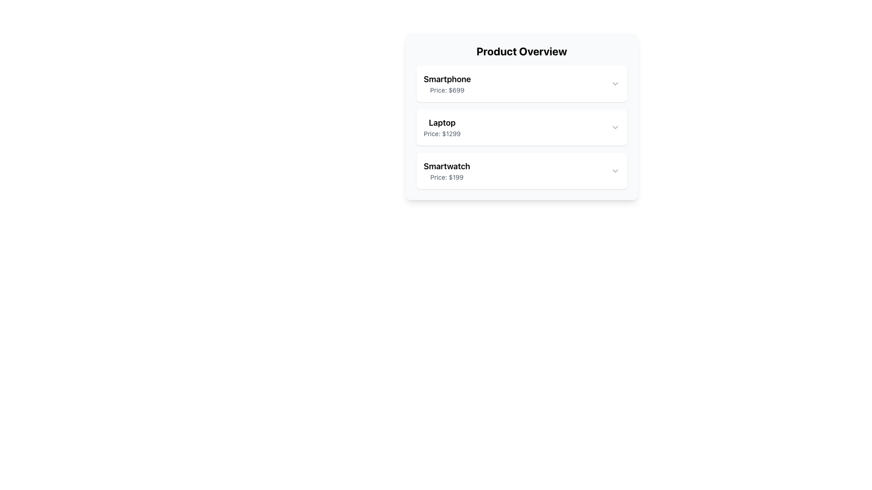 The height and width of the screenshot is (490, 872). What do you see at coordinates (447, 166) in the screenshot?
I see `the text label reading 'Smartwatch', which is styled as a title in the third product card under 'Product Overview'` at bounding box center [447, 166].